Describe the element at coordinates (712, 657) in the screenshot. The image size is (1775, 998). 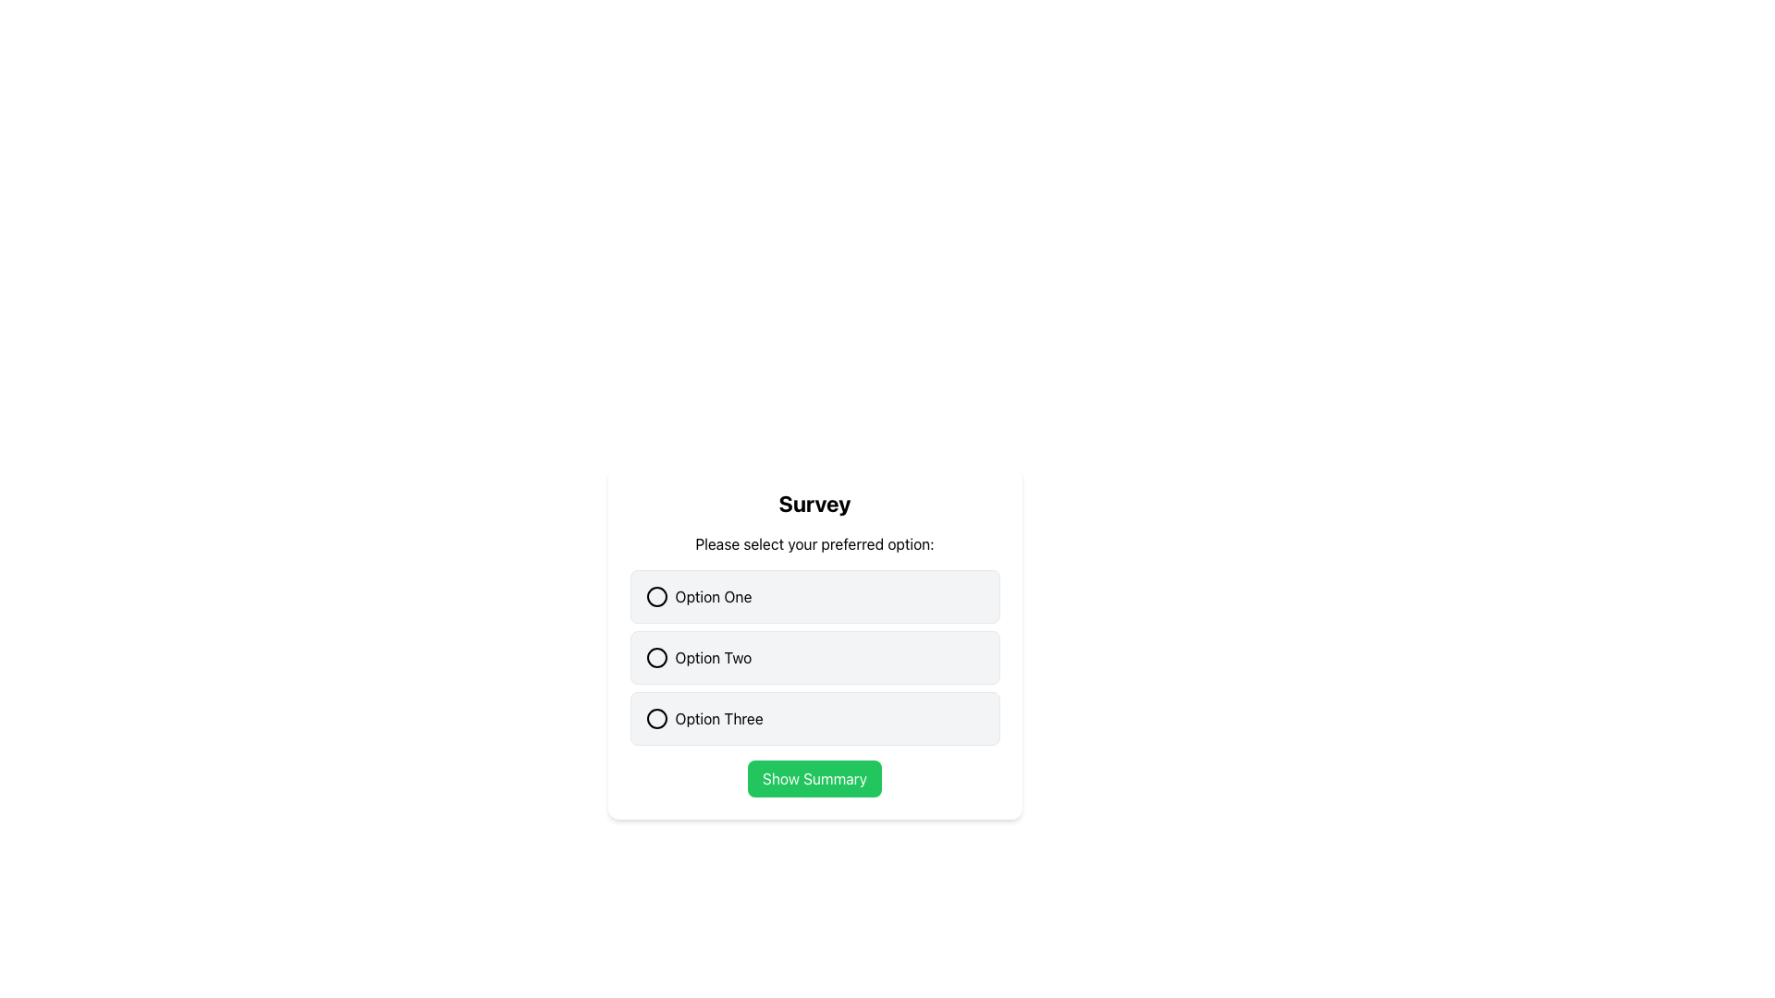
I see `the 'Option Two' text label, which is styled with a black font and located next to a circular icon in the middle of a vertical list of choices` at that location.